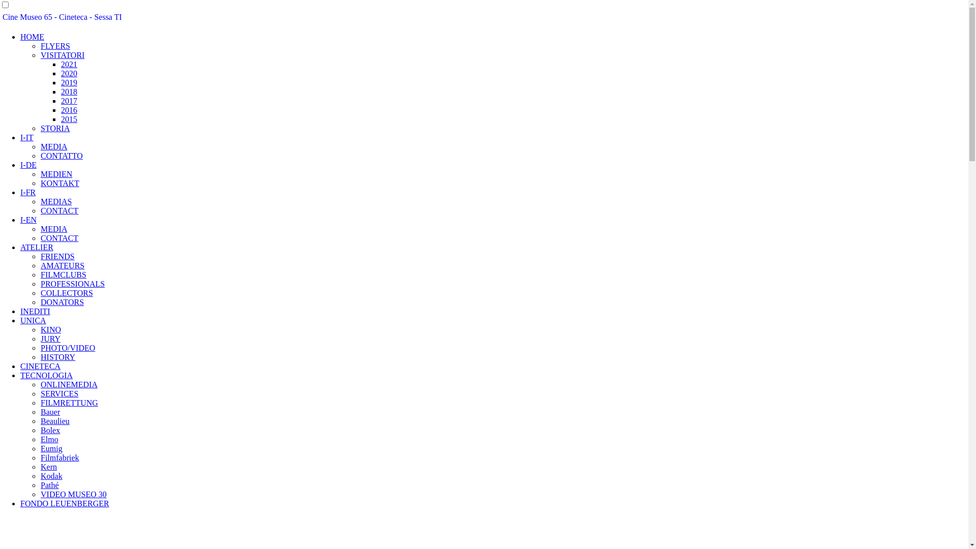  What do you see at coordinates (58, 238) in the screenshot?
I see `'CONTACT'` at bounding box center [58, 238].